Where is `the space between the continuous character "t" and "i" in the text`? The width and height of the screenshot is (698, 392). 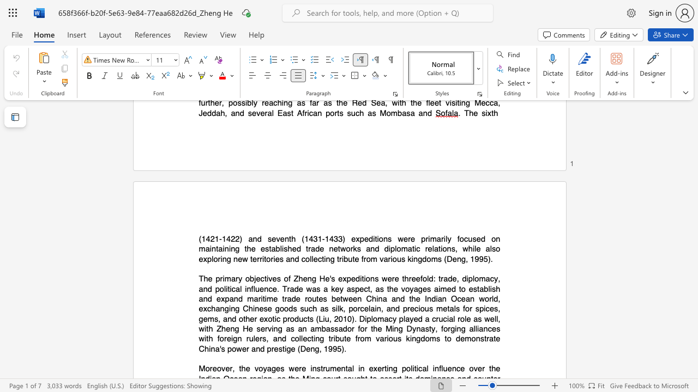
the space between the continuous character "t" and "i" in the text is located at coordinates (266, 278).